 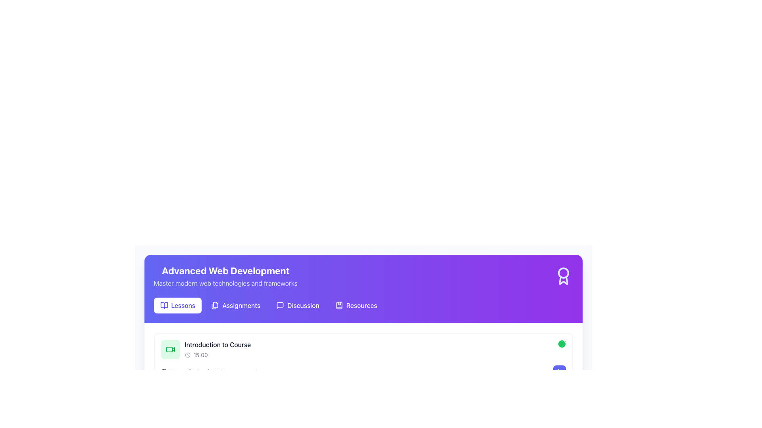 I want to click on the circular icon within the clock representation, located near the 'Introduction to Course' entry, to read the associated information, so click(x=187, y=354).